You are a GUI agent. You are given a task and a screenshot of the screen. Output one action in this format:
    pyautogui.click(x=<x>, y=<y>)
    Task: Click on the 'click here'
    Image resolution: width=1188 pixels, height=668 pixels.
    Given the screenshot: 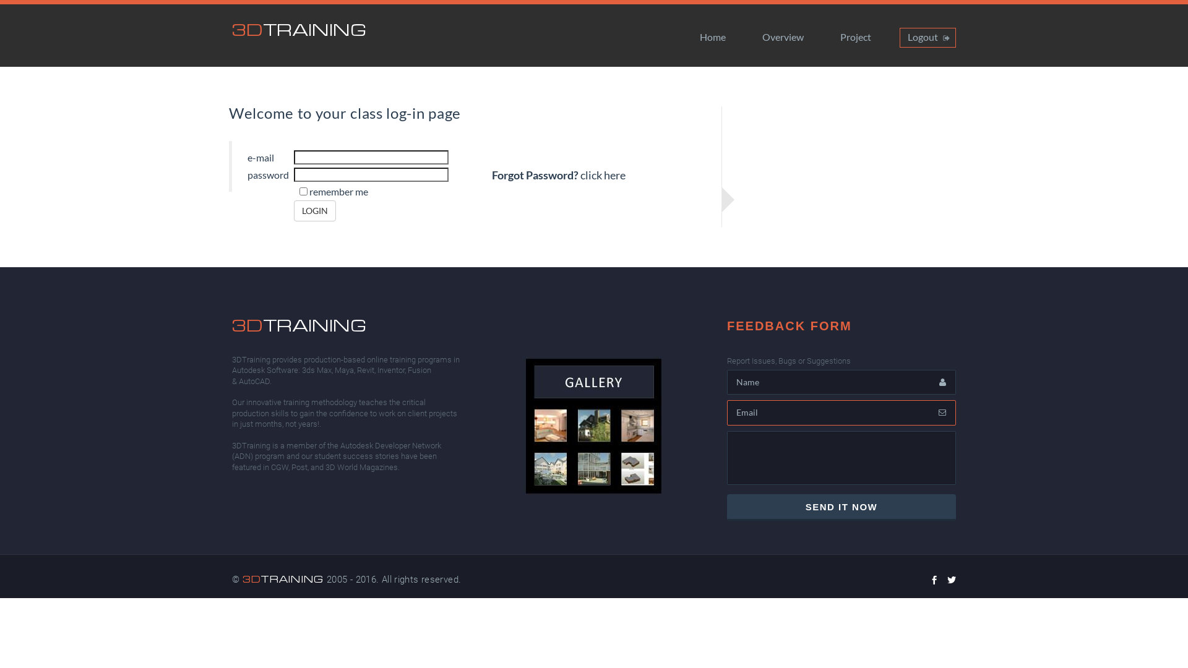 What is the action you would take?
    pyautogui.click(x=603, y=175)
    